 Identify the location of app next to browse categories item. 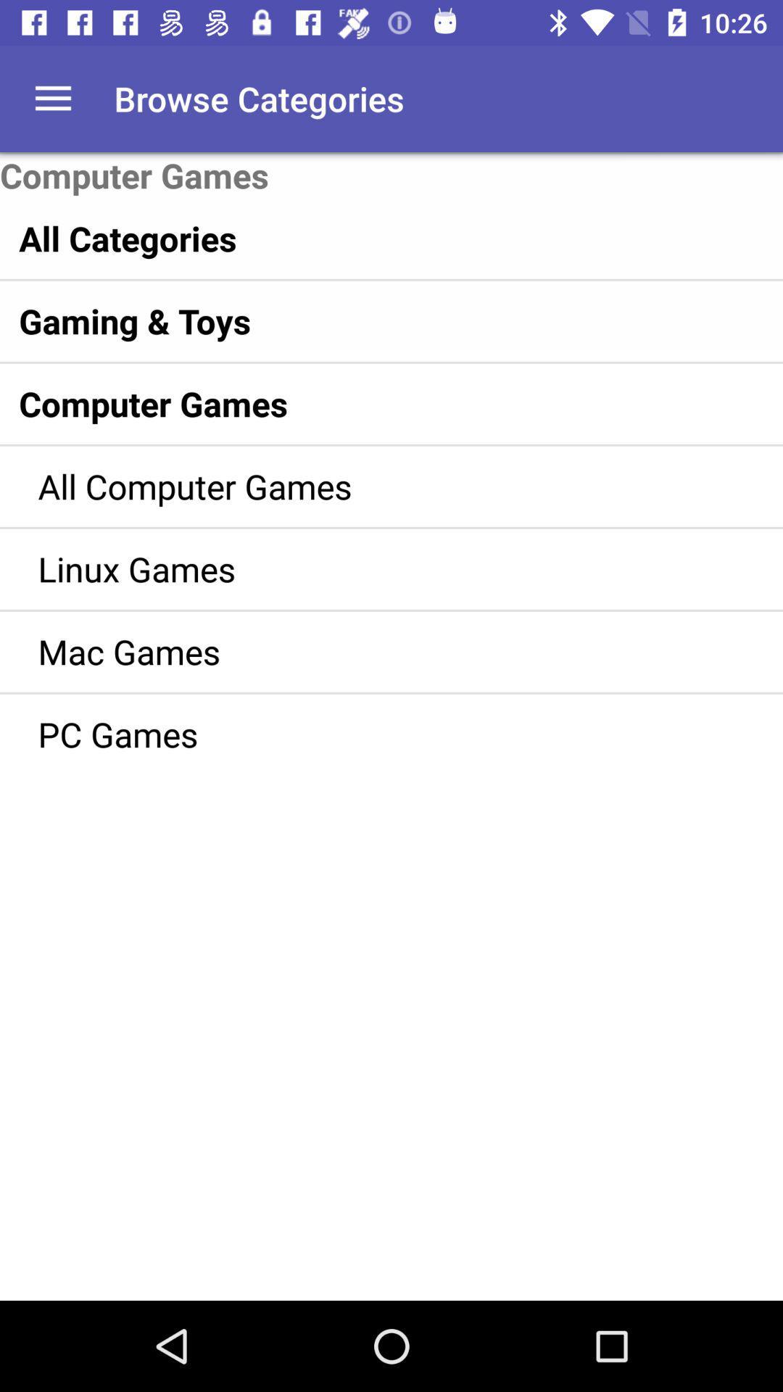
(52, 98).